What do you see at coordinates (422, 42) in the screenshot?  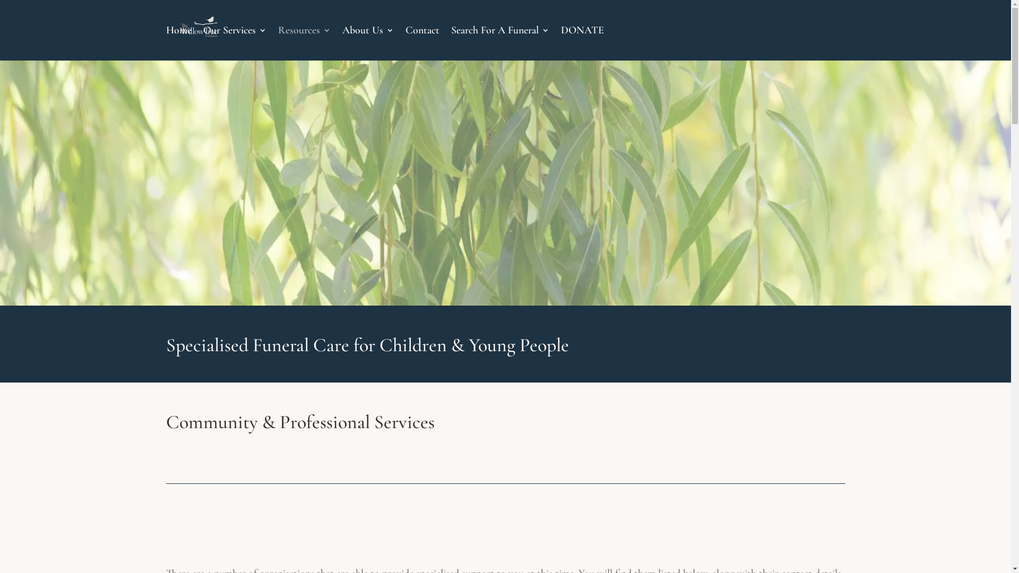 I see `'Contact'` at bounding box center [422, 42].